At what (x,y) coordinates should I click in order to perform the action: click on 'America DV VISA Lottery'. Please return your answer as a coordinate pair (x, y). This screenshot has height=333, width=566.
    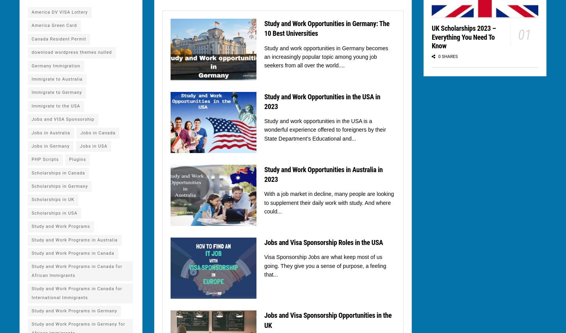
    Looking at the image, I should click on (59, 12).